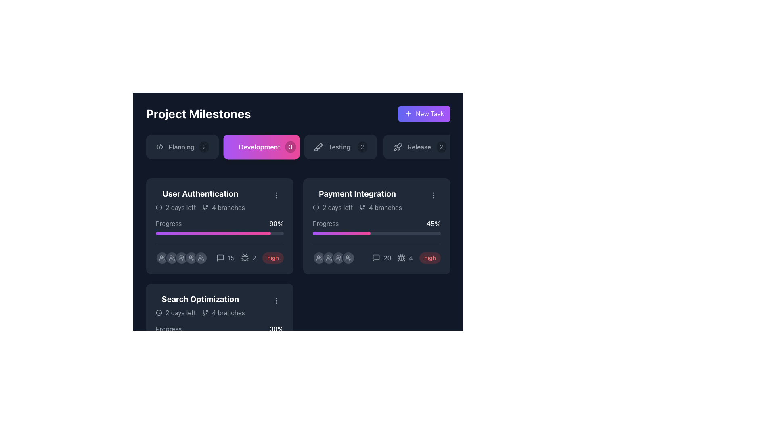 This screenshot has height=436, width=775. I want to click on the display of the SVG Icon indicating a messaging or comment feature located at the top center of the 'Payment Integration' task card, so click(376, 258).